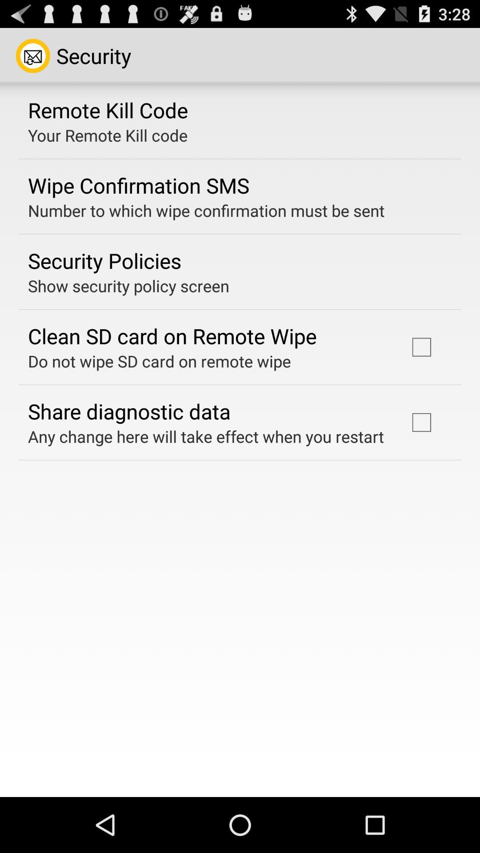 Image resolution: width=480 pixels, height=853 pixels. Describe the element at coordinates (104, 260) in the screenshot. I see `item above the show security policy` at that location.